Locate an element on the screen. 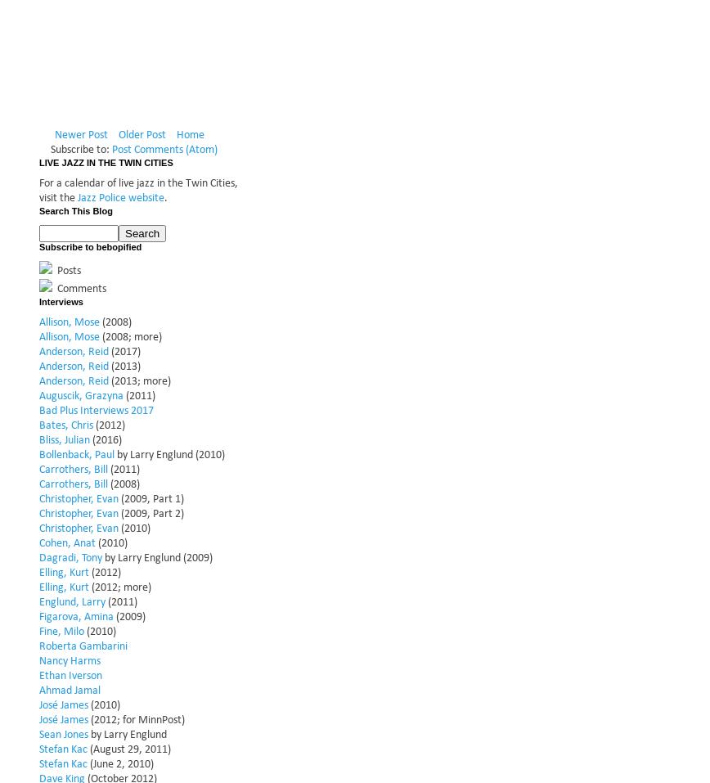 The height and width of the screenshot is (783, 710). 'Post Comments (Atom)' is located at coordinates (164, 149).